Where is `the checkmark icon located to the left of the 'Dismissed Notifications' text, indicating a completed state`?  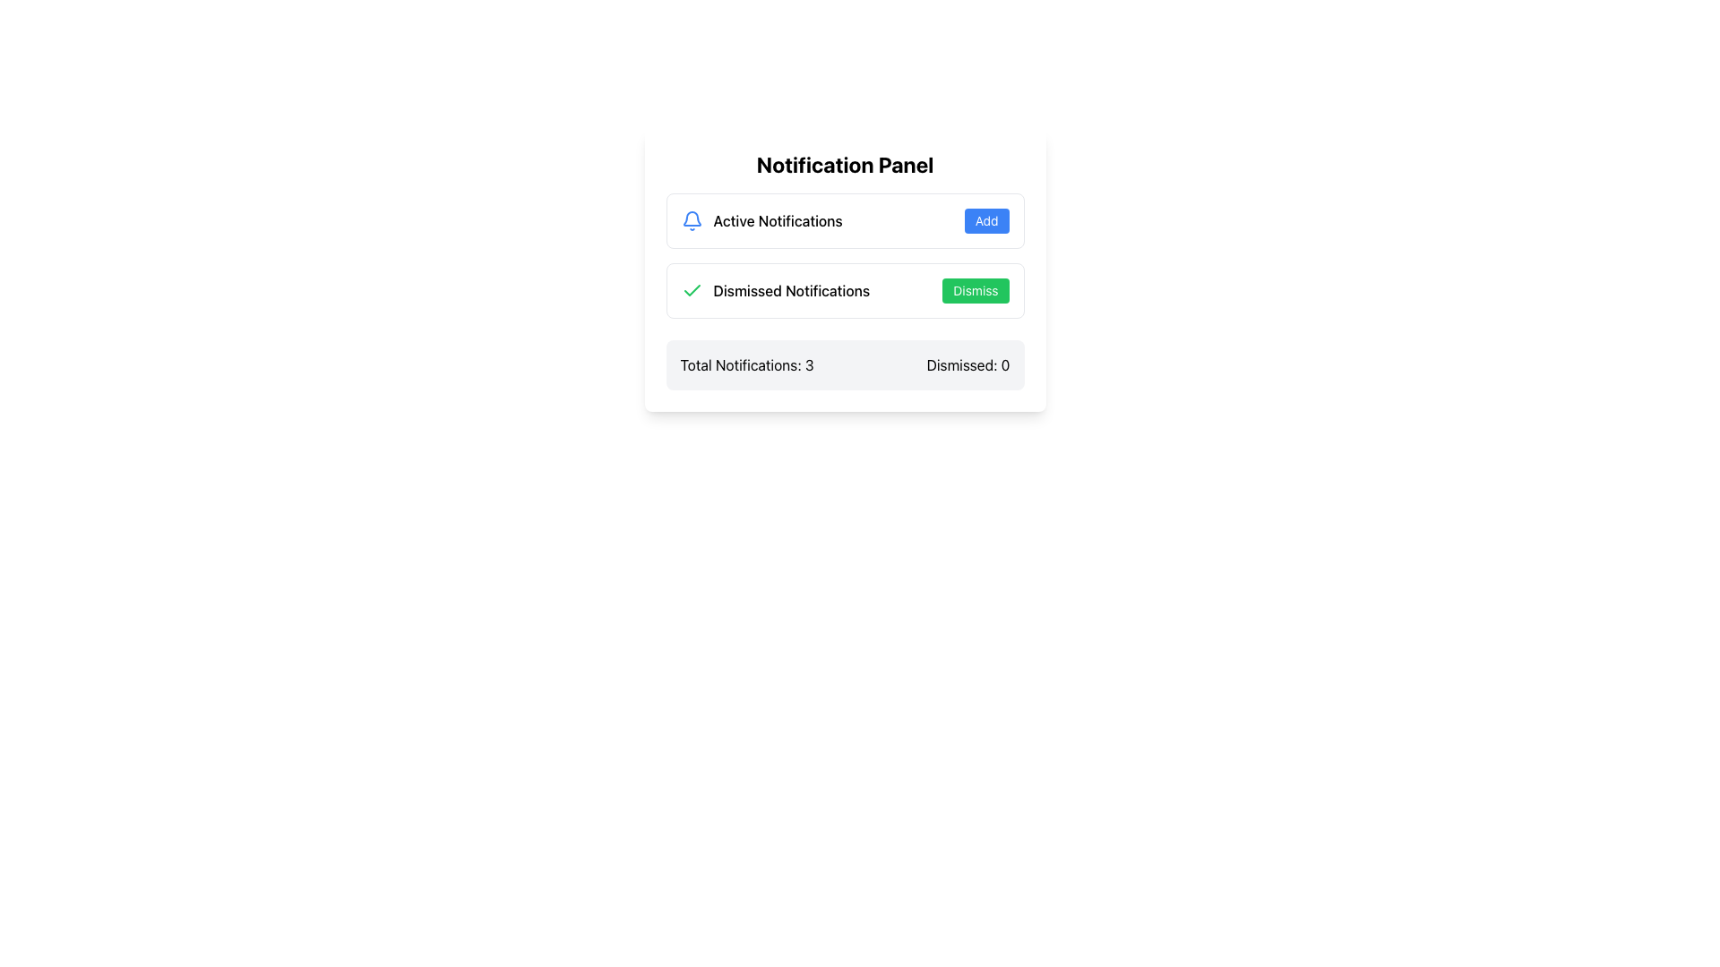
the checkmark icon located to the left of the 'Dismissed Notifications' text, indicating a completed state is located at coordinates (691, 289).